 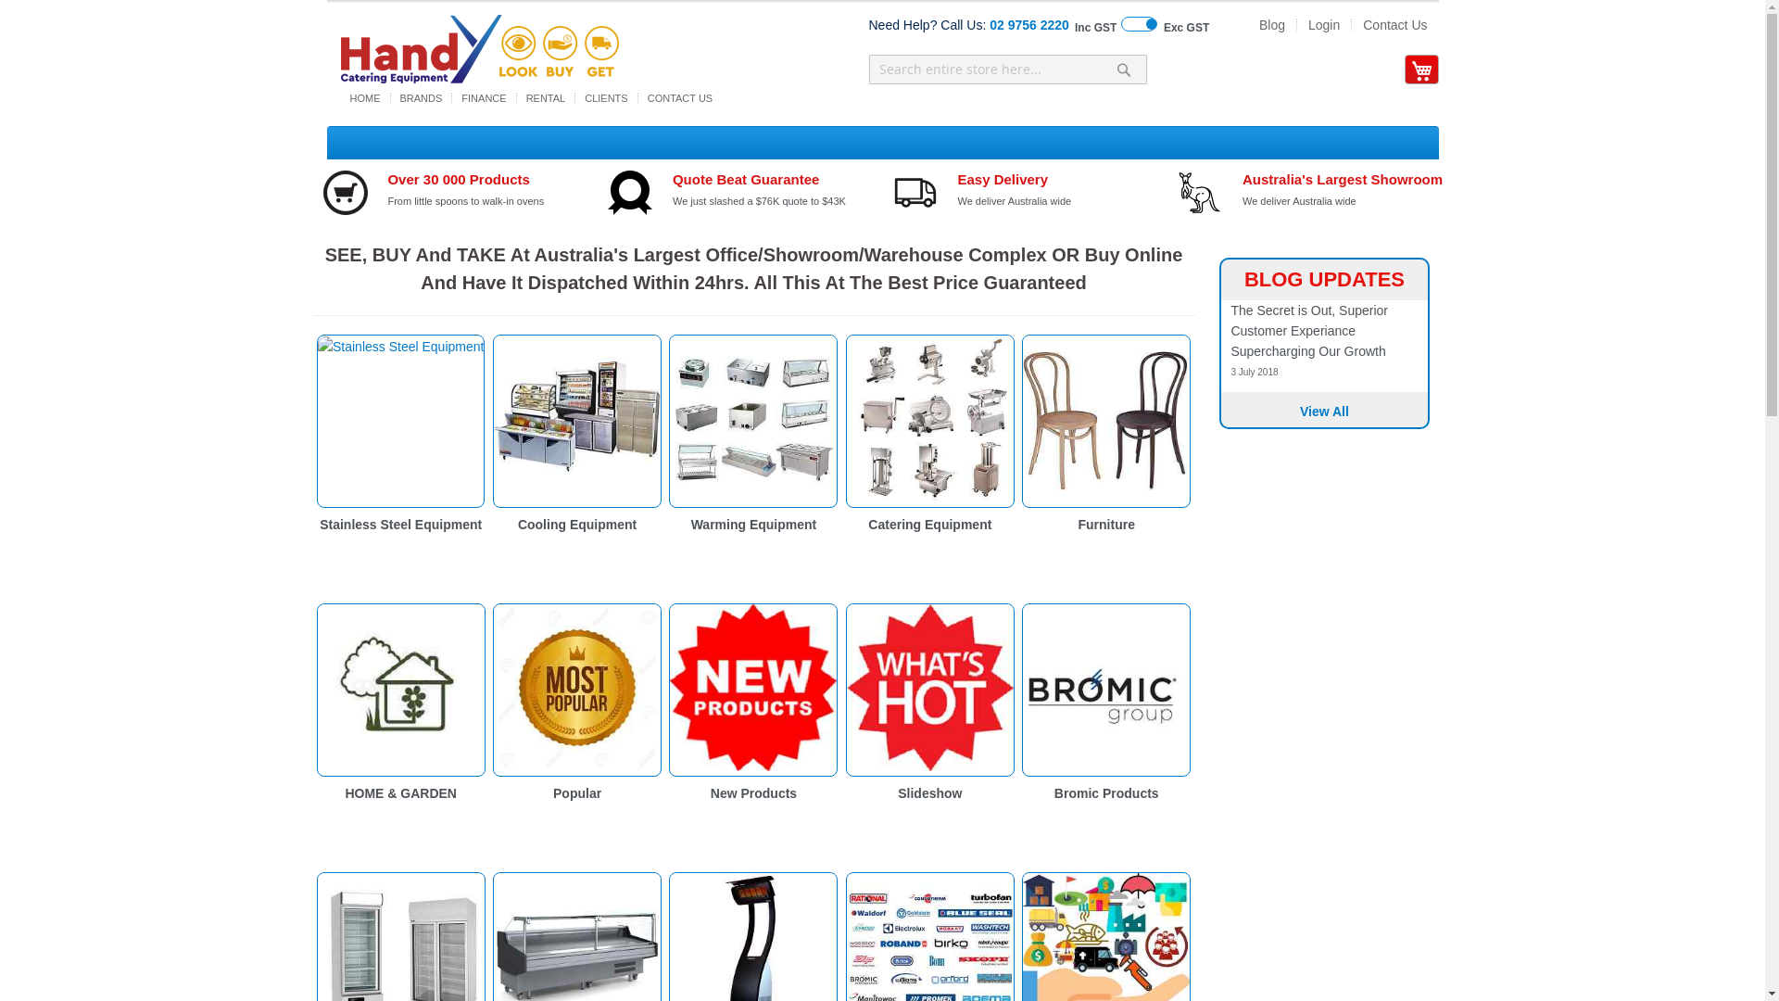 I want to click on 'RENTAL', so click(x=516, y=97).